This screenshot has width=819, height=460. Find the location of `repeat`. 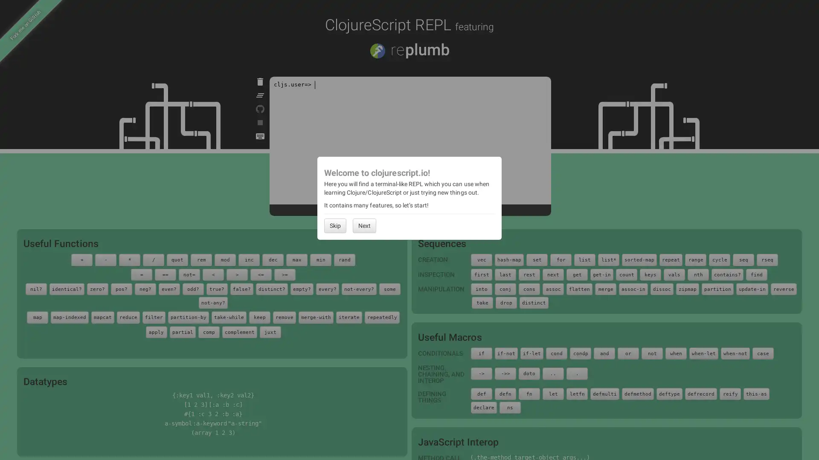

repeat is located at coordinates (671, 259).